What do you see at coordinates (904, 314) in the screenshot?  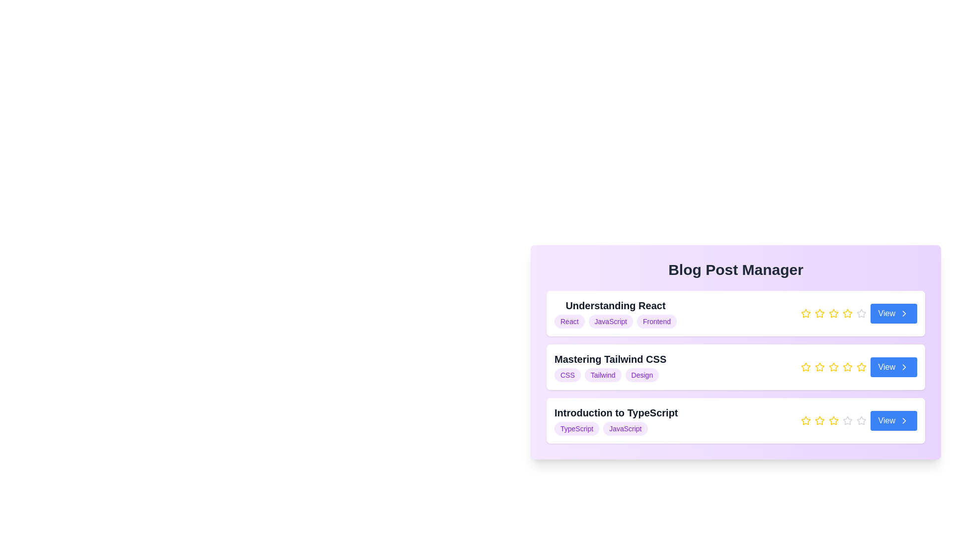 I see `the Chevron-Right icon, which is located at the rightmost end of the 'View' button in the first list item of the 'Blog Post Manager' section` at bounding box center [904, 314].